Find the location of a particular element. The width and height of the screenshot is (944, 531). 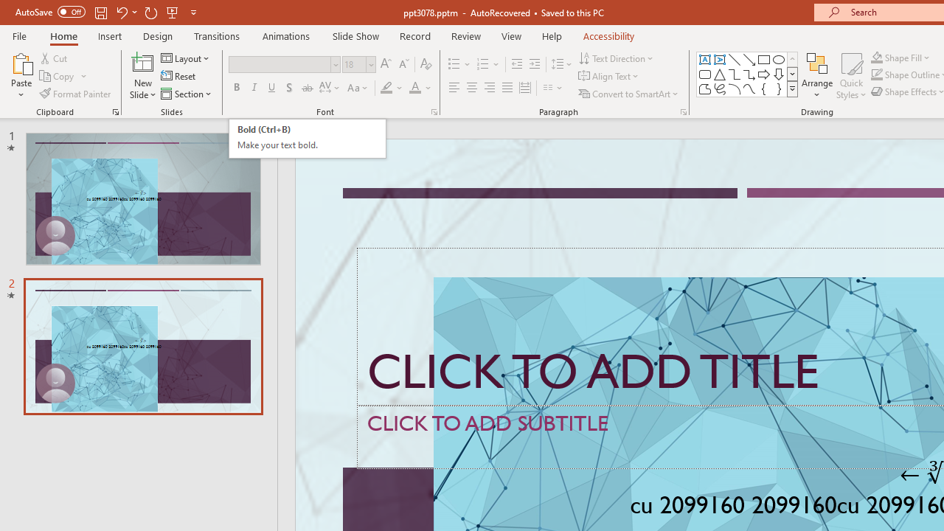

'Arrow: Right' is located at coordinates (764, 74).